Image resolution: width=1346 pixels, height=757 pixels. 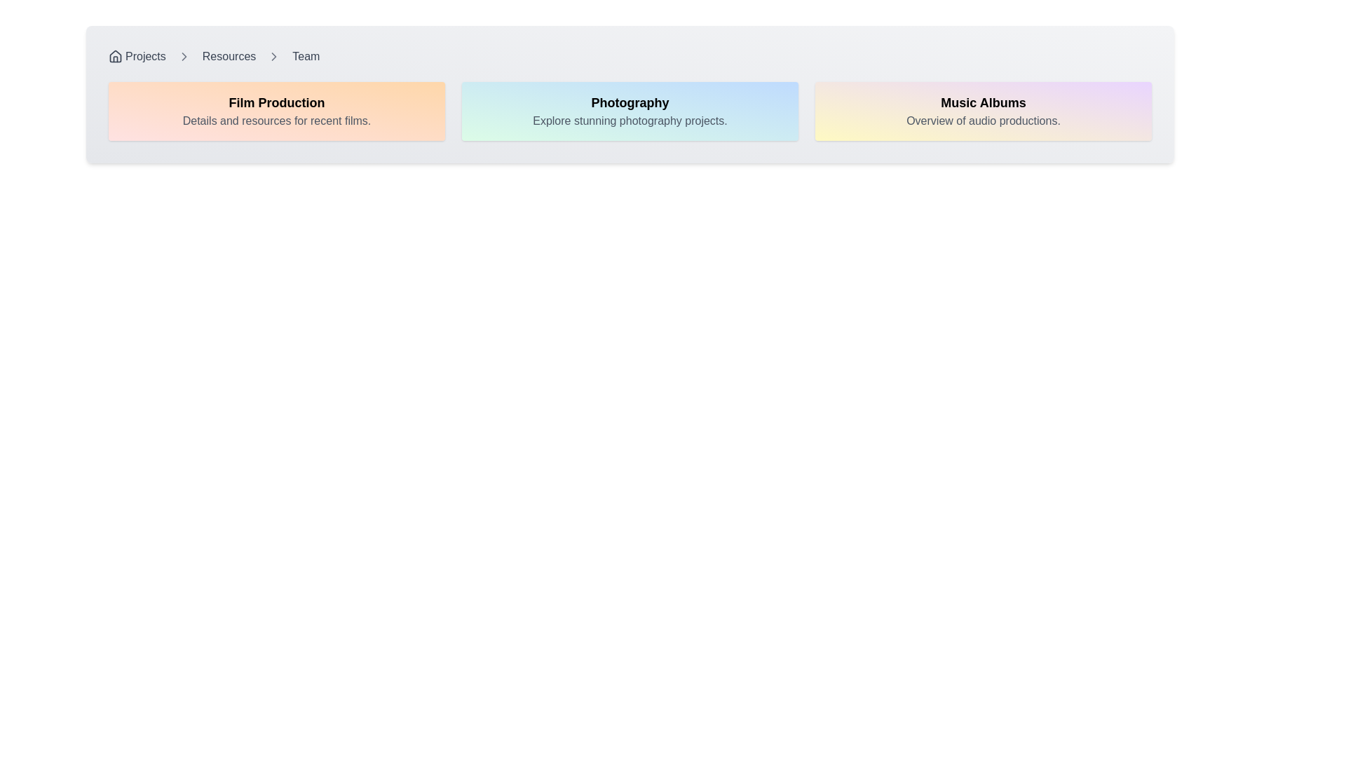 What do you see at coordinates (629, 121) in the screenshot?
I see `the descriptive text label that provides information about photography projects, located beneath the 'Photography' heading and within a card with a gradient background` at bounding box center [629, 121].